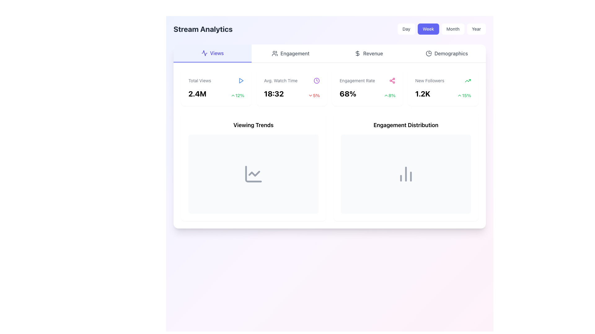  What do you see at coordinates (280, 80) in the screenshot?
I see `the Text Label that describes the average watch time, located in the 'Avg. Watch Time' panel between 'Total Views' and 'Engagement Rate'` at bounding box center [280, 80].